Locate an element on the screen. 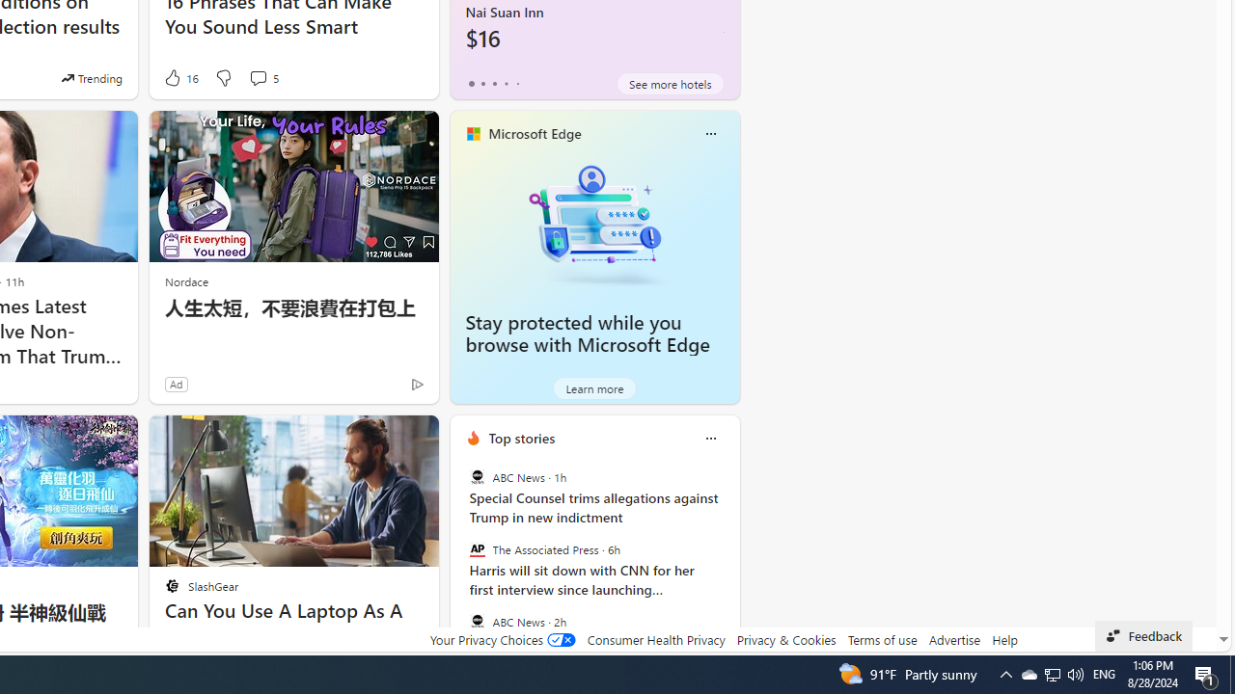 The image size is (1235, 694). 'Help' is located at coordinates (1003, 639).